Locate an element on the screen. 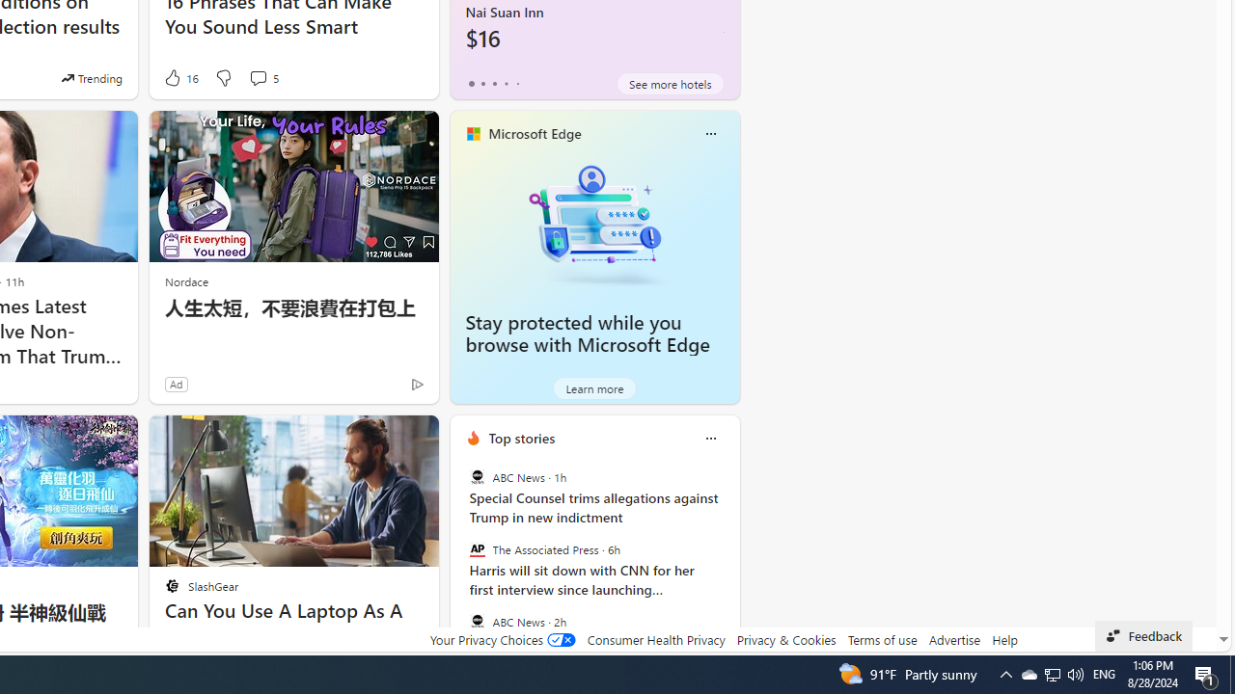 The image size is (1235, 694). 'Help' is located at coordinates (1003, 639).